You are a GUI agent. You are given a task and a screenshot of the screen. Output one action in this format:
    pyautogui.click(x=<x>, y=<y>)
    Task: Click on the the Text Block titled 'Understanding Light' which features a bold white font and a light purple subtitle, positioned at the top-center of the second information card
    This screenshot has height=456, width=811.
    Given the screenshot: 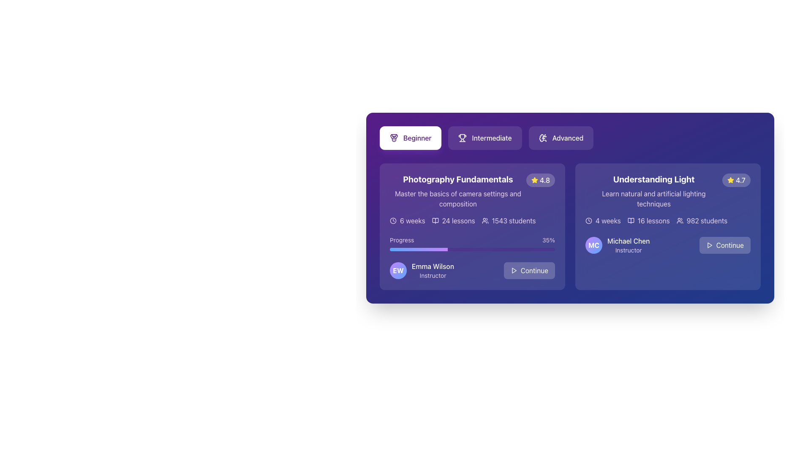 What is the action you would take?
    pyautogui.click(x=653, y=191)
    